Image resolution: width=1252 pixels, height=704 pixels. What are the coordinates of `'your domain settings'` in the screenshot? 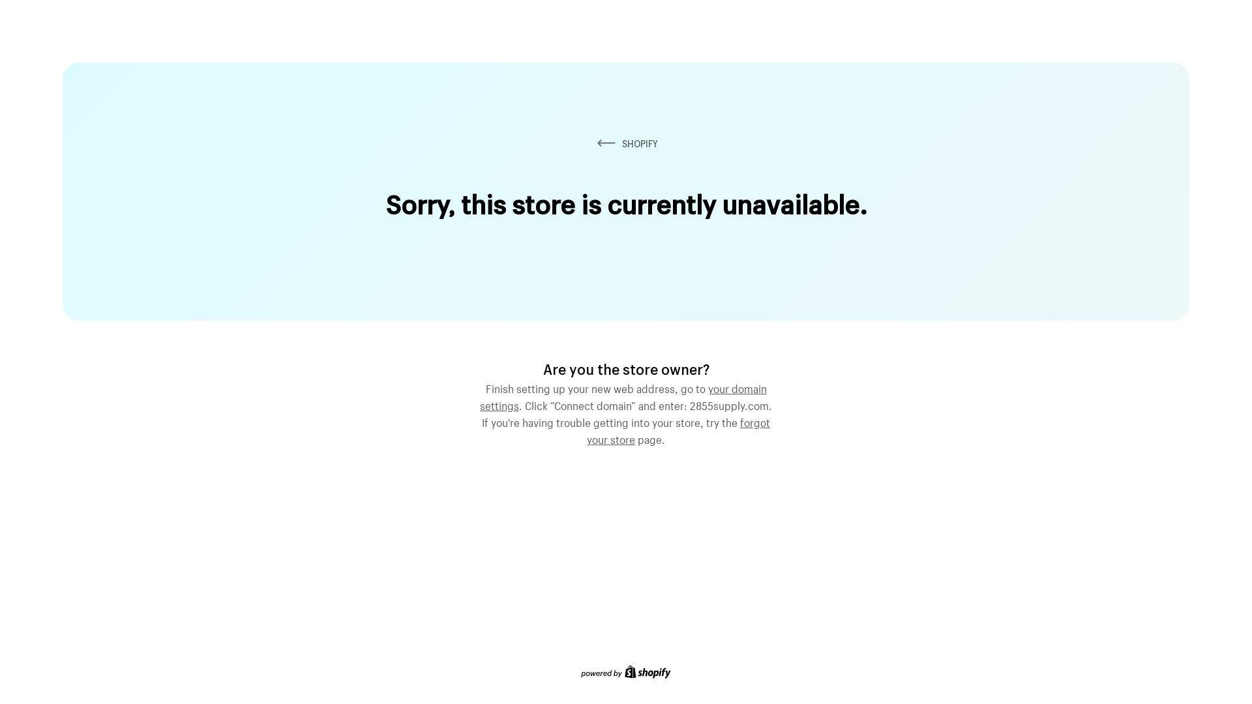 It's located at (622, 394).